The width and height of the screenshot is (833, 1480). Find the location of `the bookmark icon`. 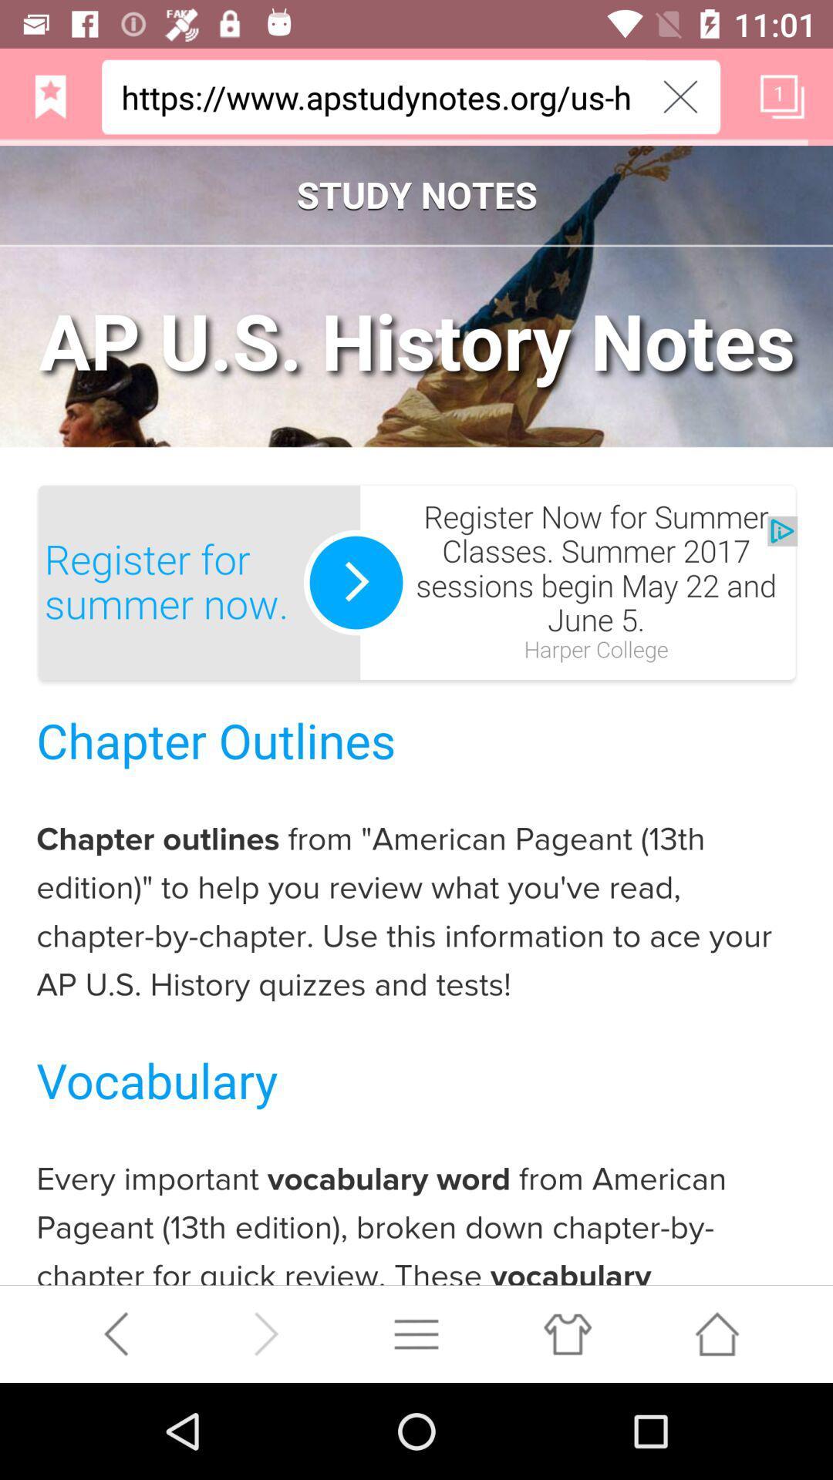

the bookmark icon is located at coordinates (49, 103).